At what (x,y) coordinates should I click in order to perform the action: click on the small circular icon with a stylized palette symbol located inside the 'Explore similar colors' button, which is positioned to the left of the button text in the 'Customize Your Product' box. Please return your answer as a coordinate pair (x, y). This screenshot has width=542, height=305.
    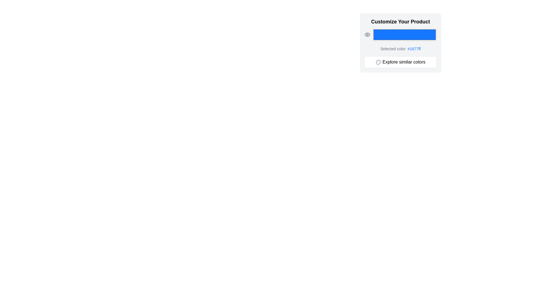
    Looking at the image, I should click on (378, 62).